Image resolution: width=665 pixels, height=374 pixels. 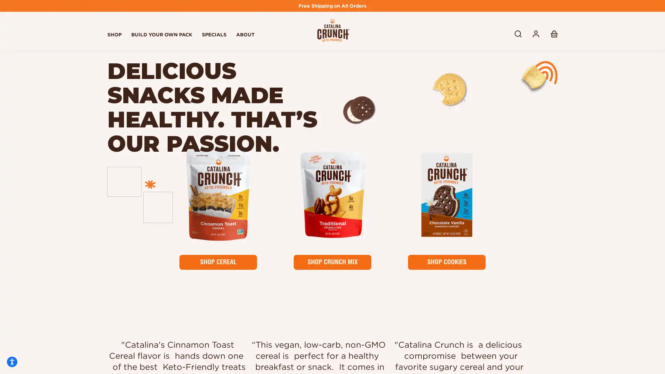 What do you see at coordinates (518, 33) in the screenshot?
I see `Submit search` at bounding box center [518, 33].